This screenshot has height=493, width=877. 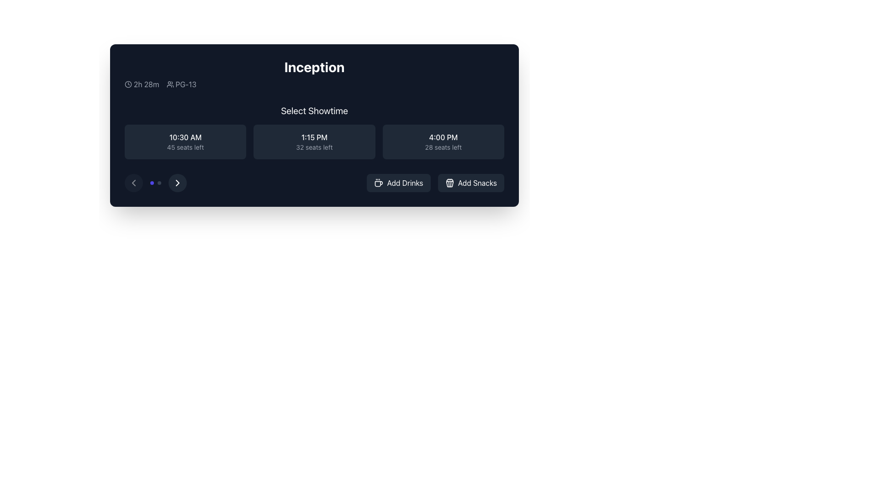 I want to click on the coffee cup icon with steam located in the bottom-left corner of the UI, so click(x=379, y=184).